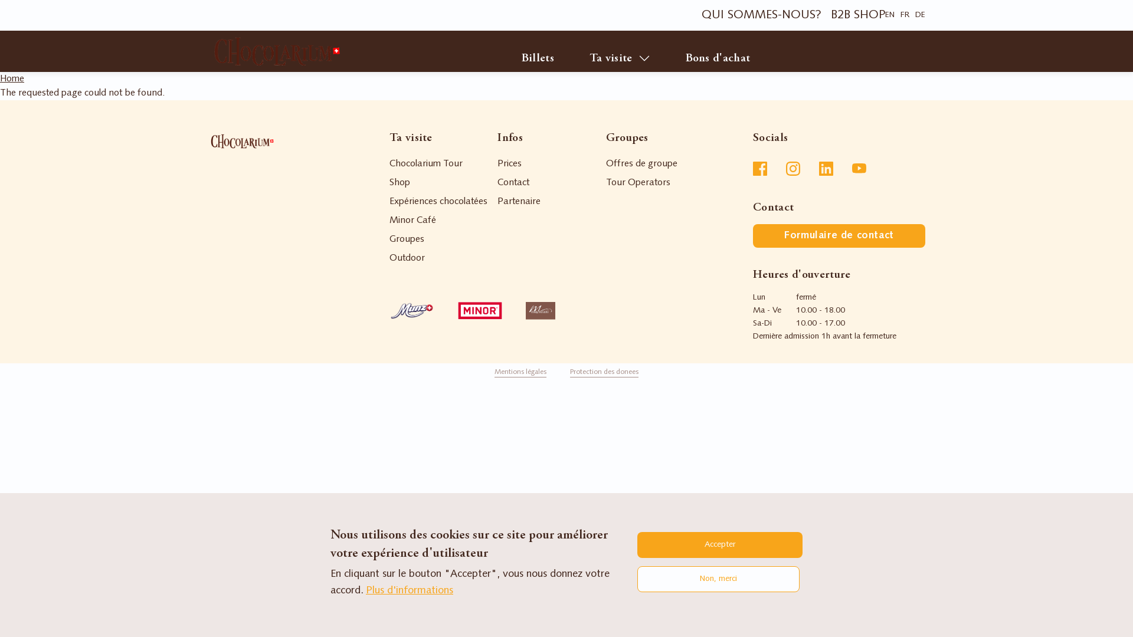  Describe the element at coordinates (718, 579) in the screenshot. I see `'Non, merci'` at that location.